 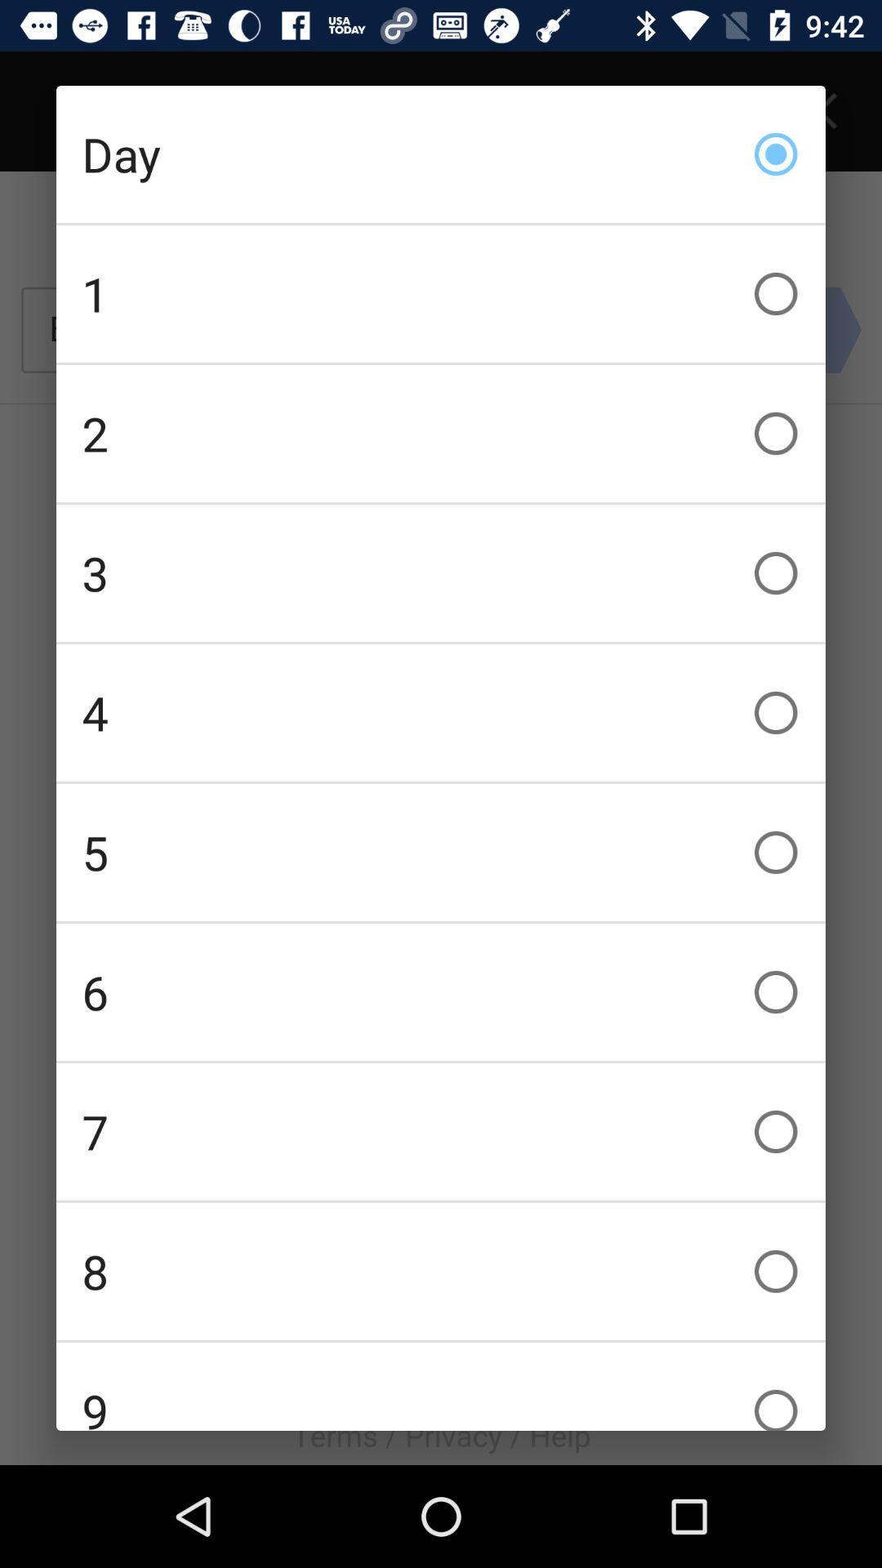 What do you see at coordinates (441, 991) in the screenshot?
I see `item above 7 checkbox` at bounding box center [441, 991].